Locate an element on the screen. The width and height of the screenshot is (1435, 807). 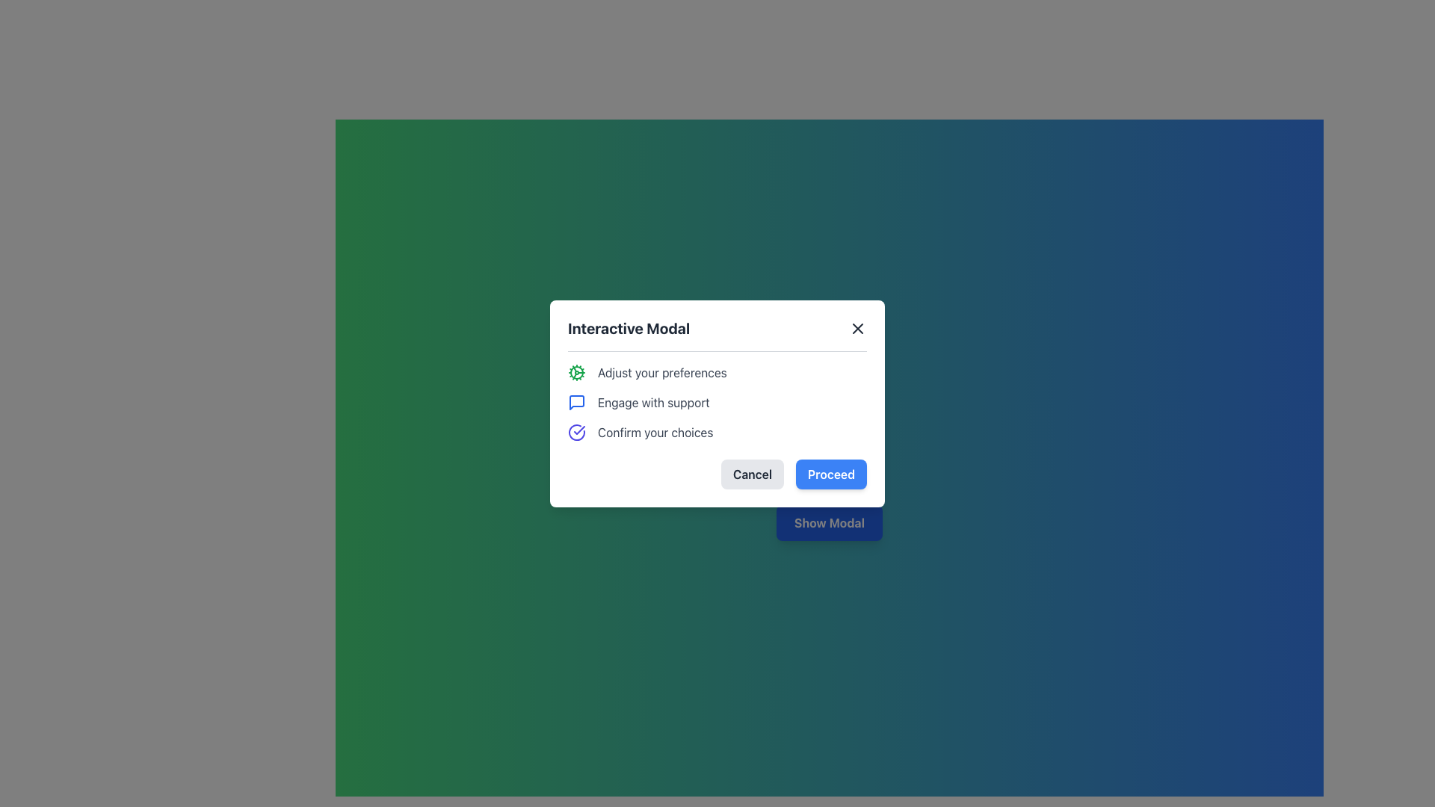
the 'Cancel' button in the horizontal button group located at the bottom-right section of the modal dialog is located at coordinates (717, 474).